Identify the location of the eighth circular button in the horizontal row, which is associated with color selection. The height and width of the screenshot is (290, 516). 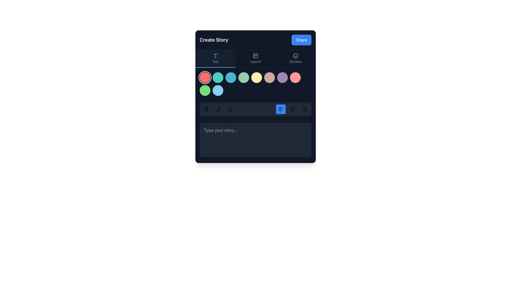
(295, 78).